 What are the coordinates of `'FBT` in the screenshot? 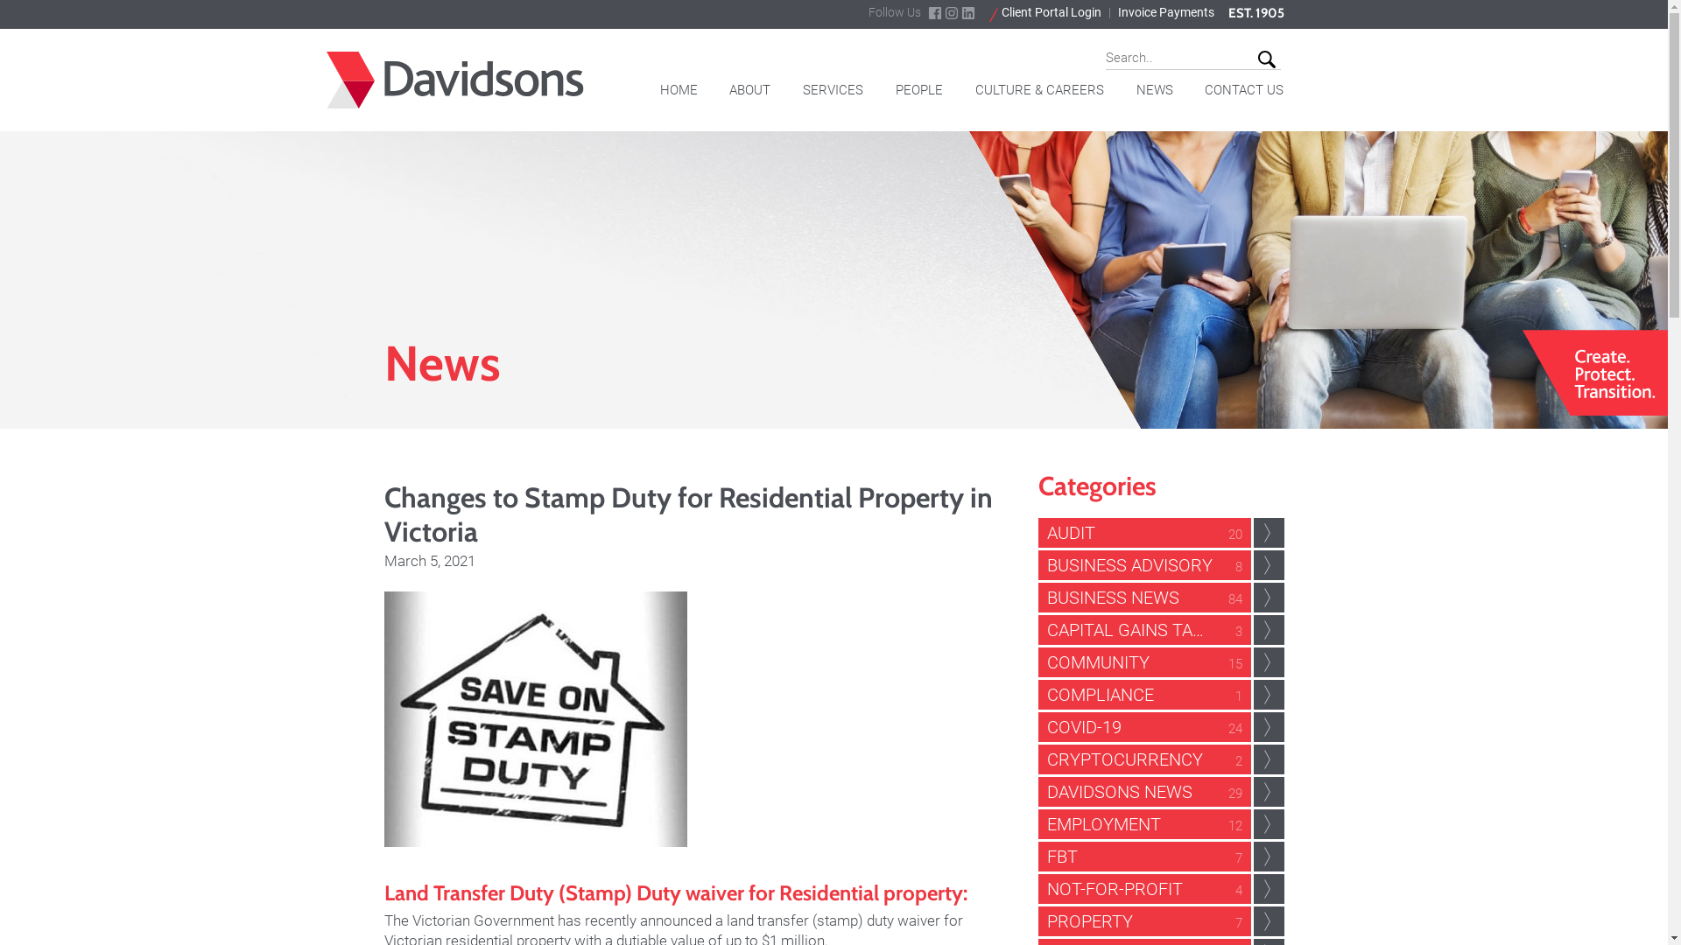 It's located at (1160, 856).